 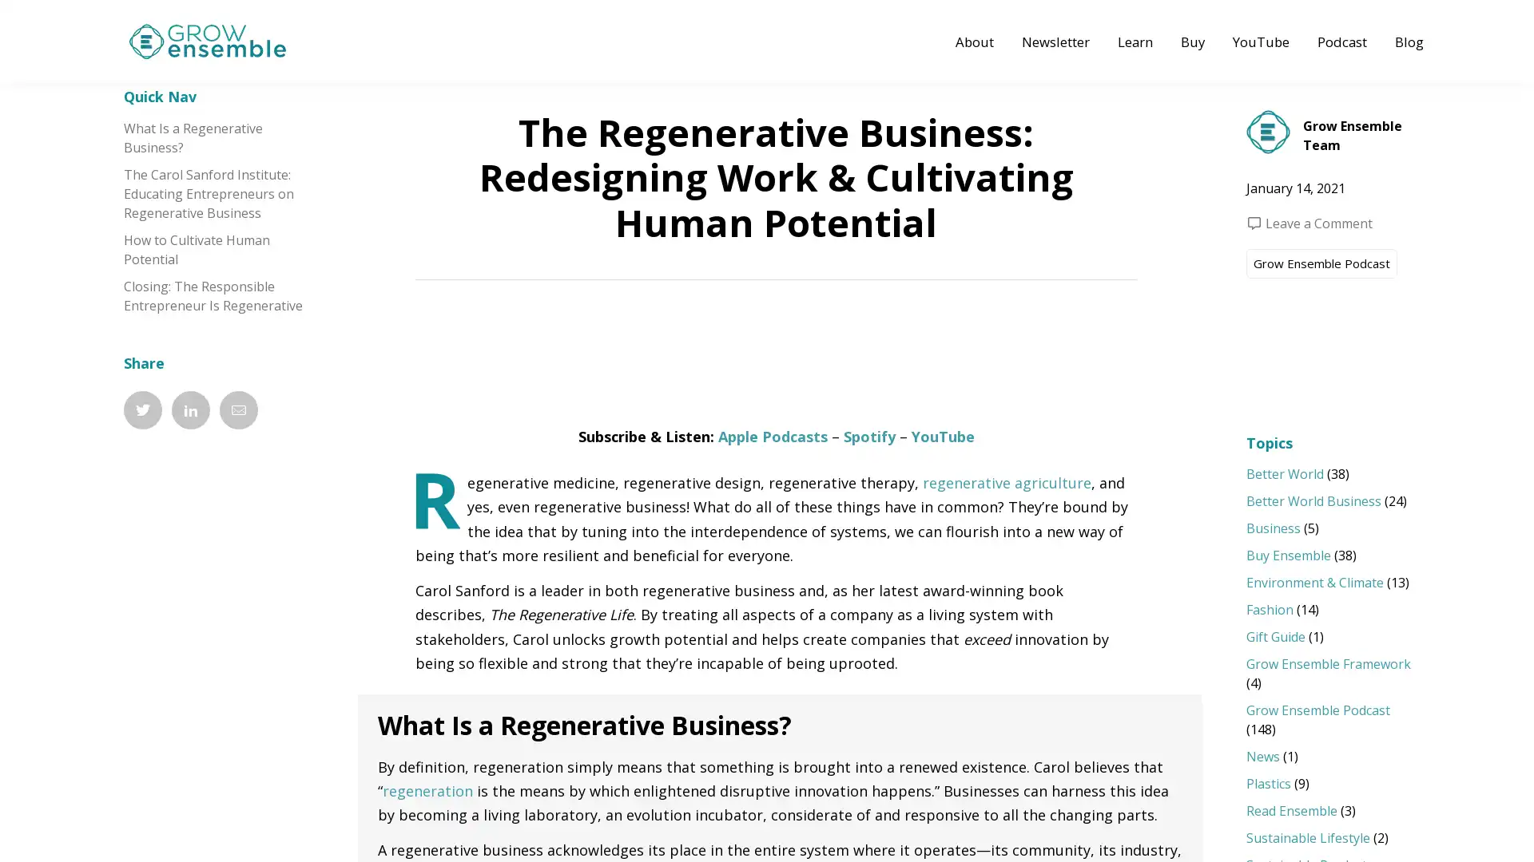 What do you see at coordinates (1502, 791) in the screenshot?
I see `Bookmark Page` at bounding box center [1502, 791].